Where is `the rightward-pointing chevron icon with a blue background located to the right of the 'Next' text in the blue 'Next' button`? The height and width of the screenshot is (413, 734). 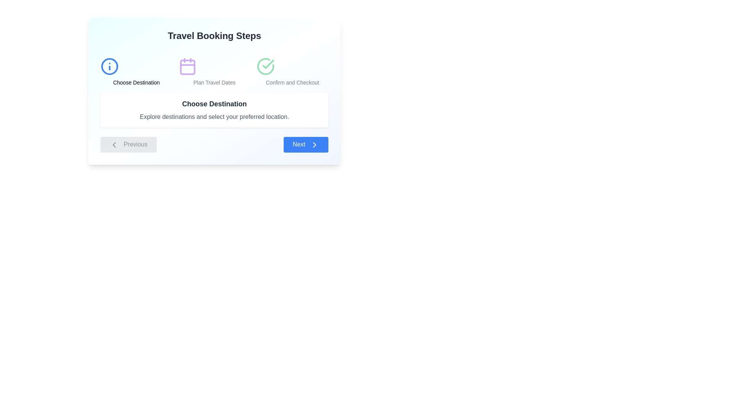 the rightward-pointing chevron icon with a blue background located to the right of the 'Next' text in the blue 'Next' button is located at coordinates (314, 145).